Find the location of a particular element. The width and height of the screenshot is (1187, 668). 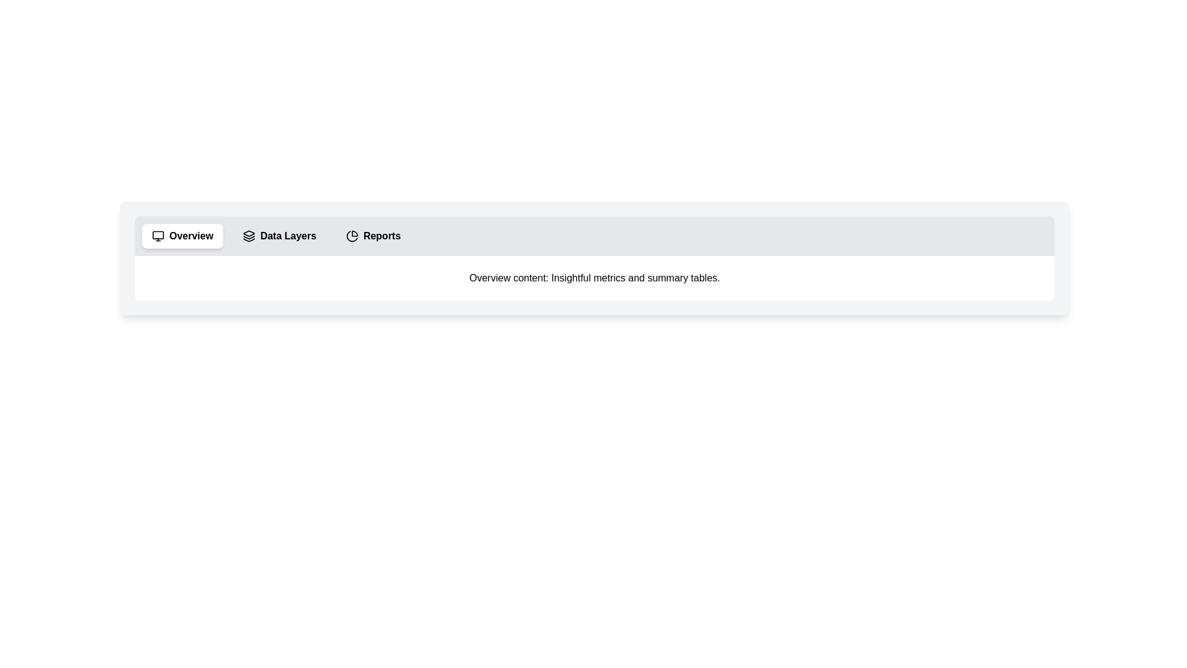

the tab labeled 'Reports' to switch to it is located at coordinates (373, 236).